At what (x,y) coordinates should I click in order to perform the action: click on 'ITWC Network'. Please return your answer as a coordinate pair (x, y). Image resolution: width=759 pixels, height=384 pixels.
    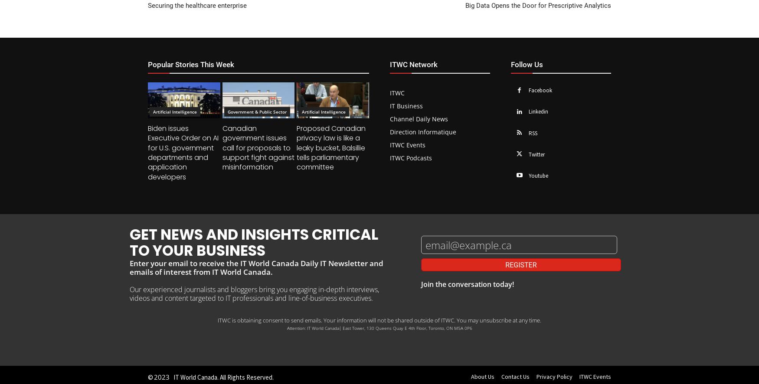
    Looking at the image, I should click on (413, 63).